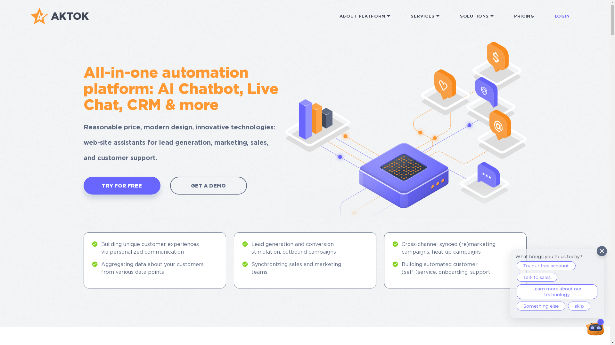  I want to click on 'SERVICES', so click(425, 16).